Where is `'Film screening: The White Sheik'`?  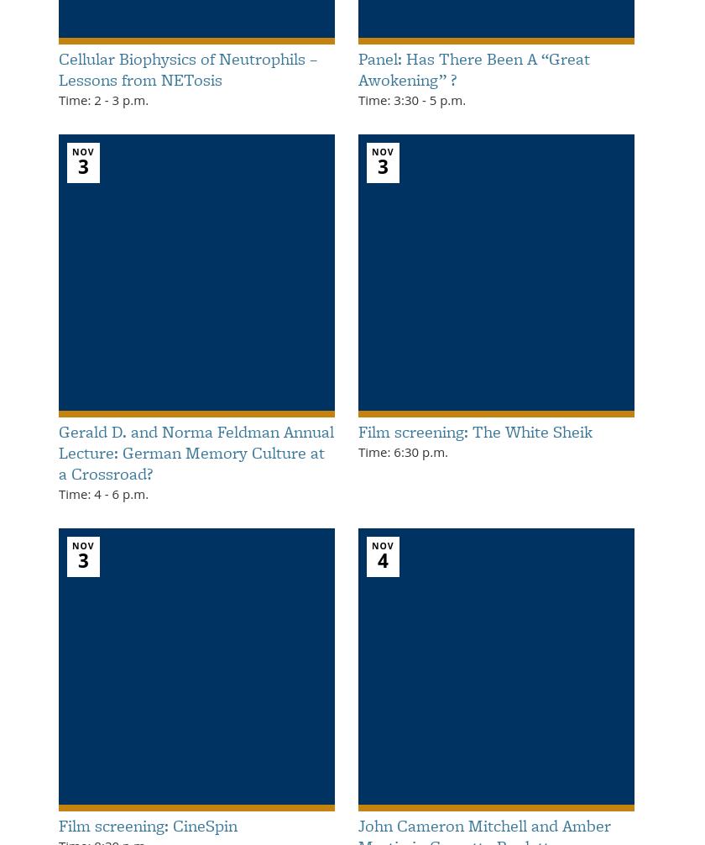
'Film screening: The White Sheik' is located at coordinates (475, 430).